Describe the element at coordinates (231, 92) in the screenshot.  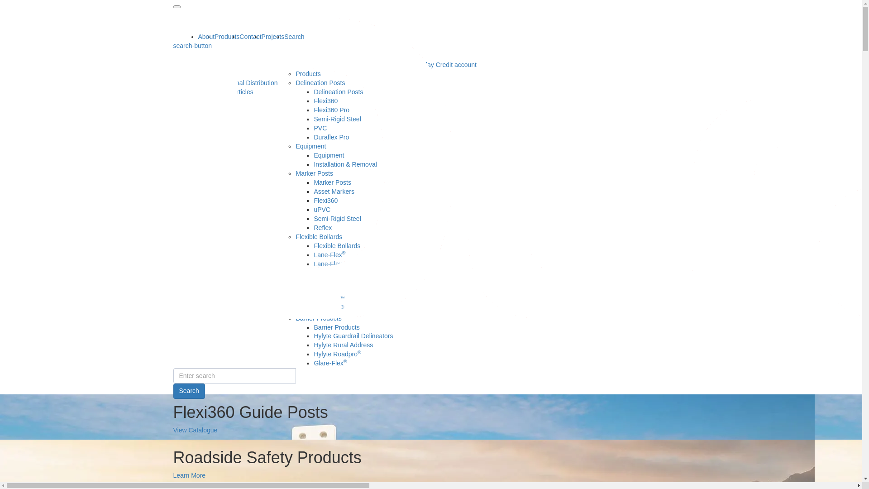
I see `'News & Articles'` at that location.